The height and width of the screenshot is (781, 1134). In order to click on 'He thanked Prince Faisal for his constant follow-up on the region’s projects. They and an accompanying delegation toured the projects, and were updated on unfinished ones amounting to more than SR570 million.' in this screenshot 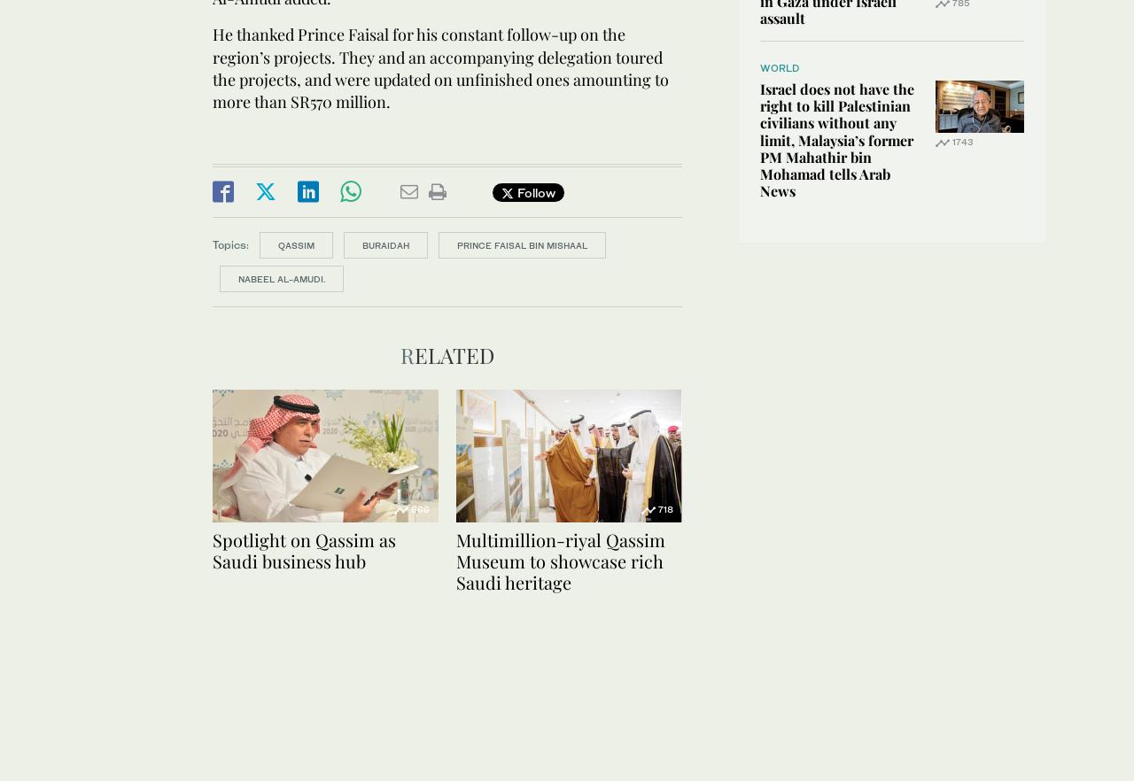, I will do `click(213, 67)`.